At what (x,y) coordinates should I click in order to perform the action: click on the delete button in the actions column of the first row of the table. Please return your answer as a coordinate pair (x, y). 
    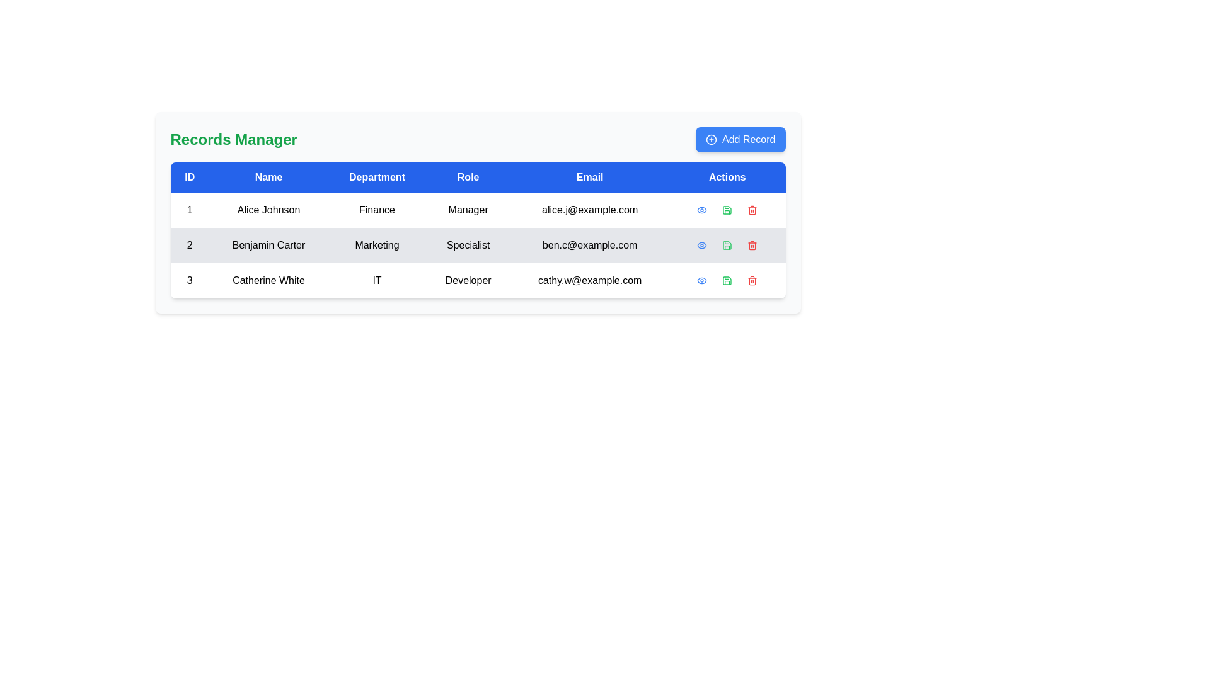
    Looking at the image, I should click on (752, 210).